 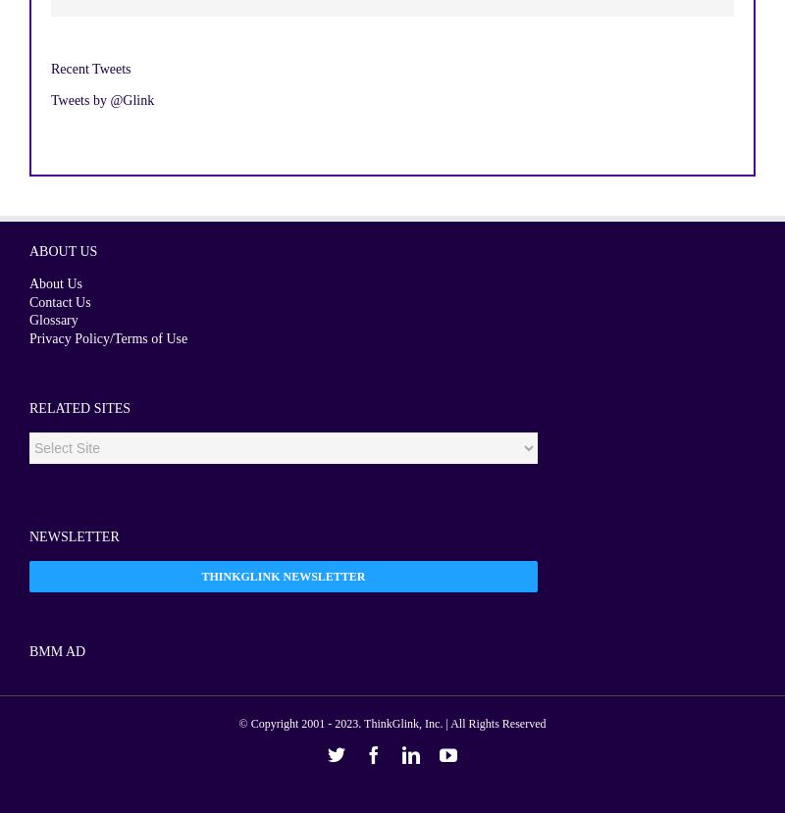 I want to click on 'Privacy Policy', so click(x=70, y=337).